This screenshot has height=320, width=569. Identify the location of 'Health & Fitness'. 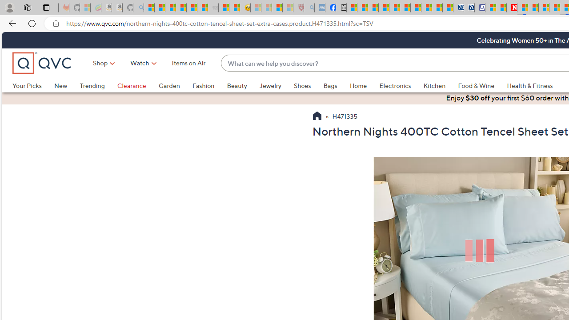
(532, 85).